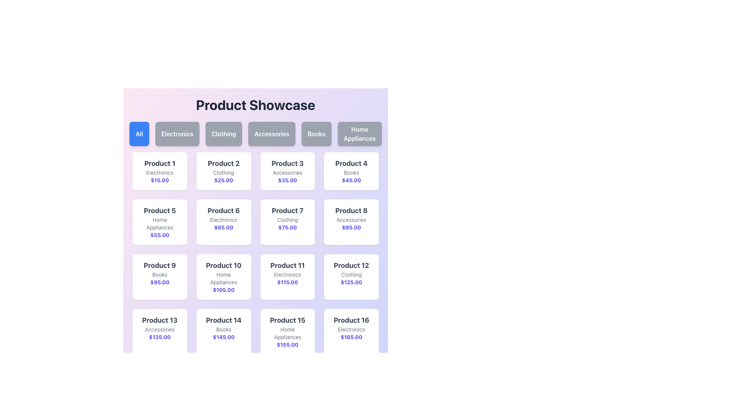 The image size is (731, 411). I want to click on text label displaying the price '$165.00', which is bold and indigo, located in the bottom-right section under the 'Product 16' title and 'Electronics' category, so click(351, 337).